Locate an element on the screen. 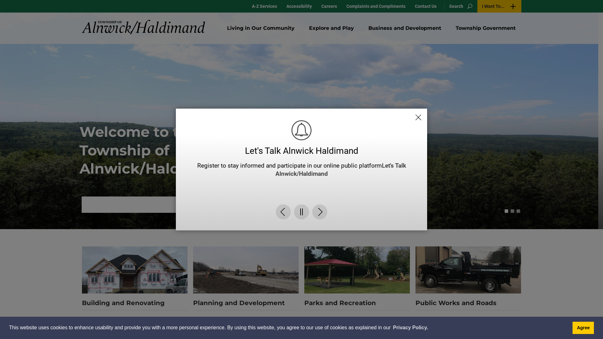 Image resolution: width=603 pixels, height=339 pixels. 'A-Z Services' is located at coordinates (264, 6).